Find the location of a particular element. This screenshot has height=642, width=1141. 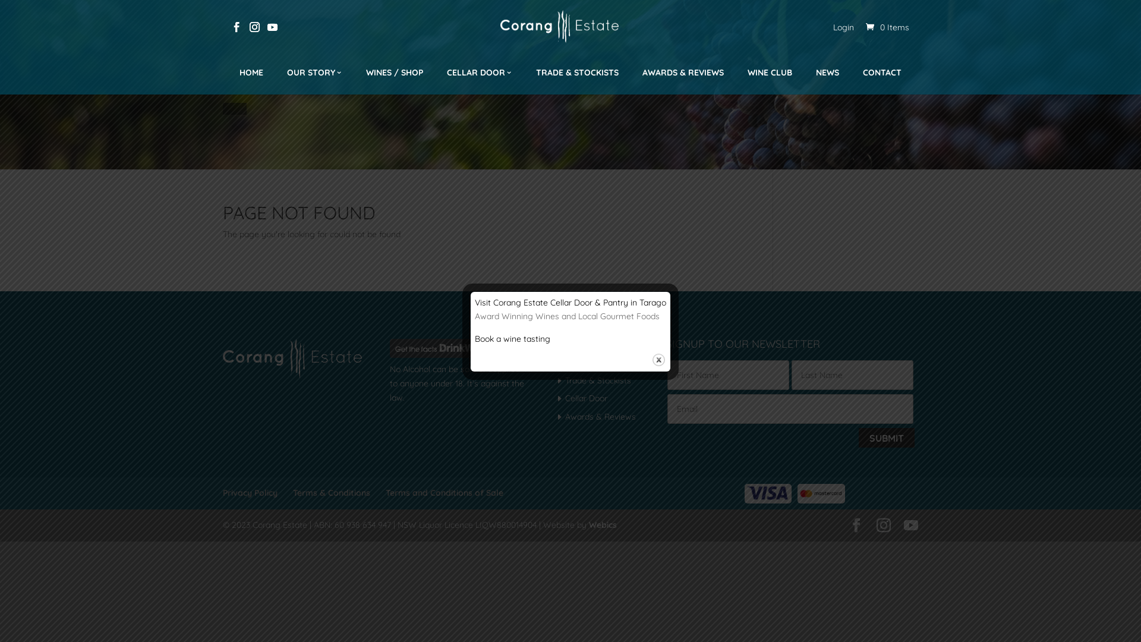

'WINE CLUB' is located at coordinates (770, 73).